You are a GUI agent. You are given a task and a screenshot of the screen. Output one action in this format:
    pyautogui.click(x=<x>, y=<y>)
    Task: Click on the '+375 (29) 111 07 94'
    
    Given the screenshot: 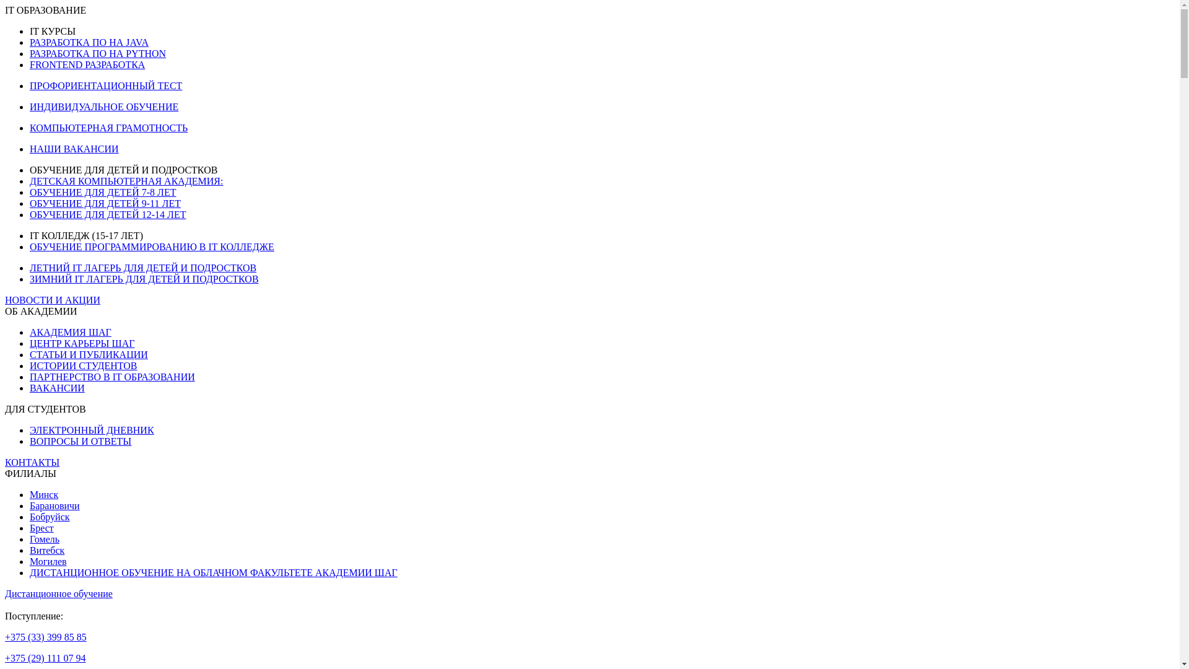 What is the action you would take?
    pyautogui.click(x=45, y=657)
    